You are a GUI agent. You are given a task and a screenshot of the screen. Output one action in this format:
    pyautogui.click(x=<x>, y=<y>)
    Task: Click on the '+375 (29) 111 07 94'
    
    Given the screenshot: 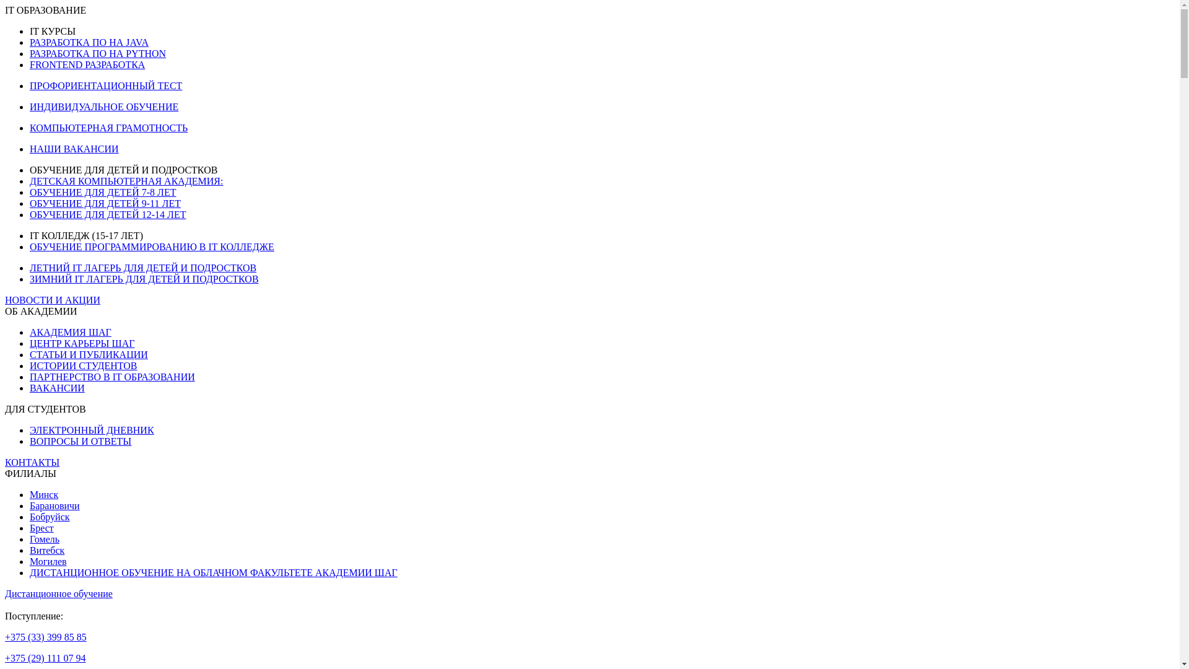 What is the action you would take?
    pyautogui.click(x=45, y=657)
    